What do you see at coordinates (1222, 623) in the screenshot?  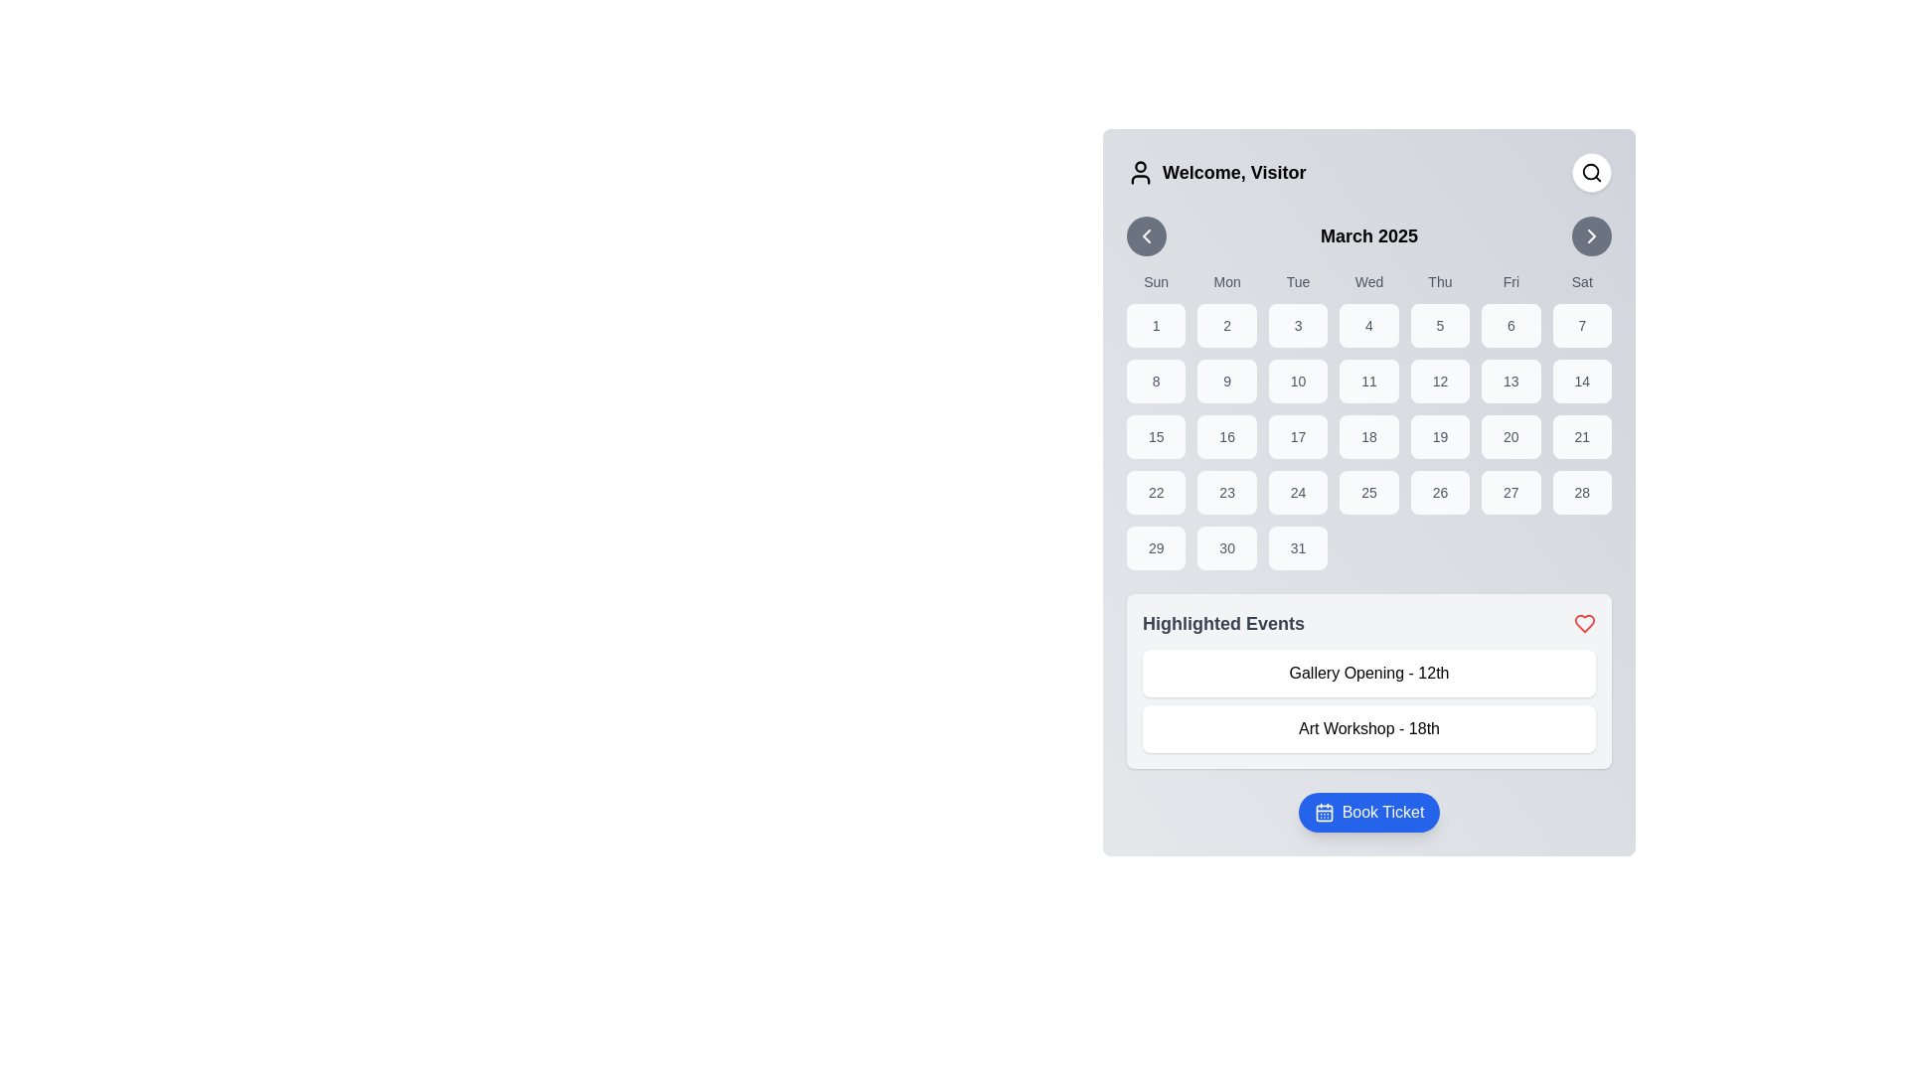 I see `the static text label 'Highlighted Events', which is styled in bold with a grayish color and located near the top-left of the section` at bounding box center [1222, 623].